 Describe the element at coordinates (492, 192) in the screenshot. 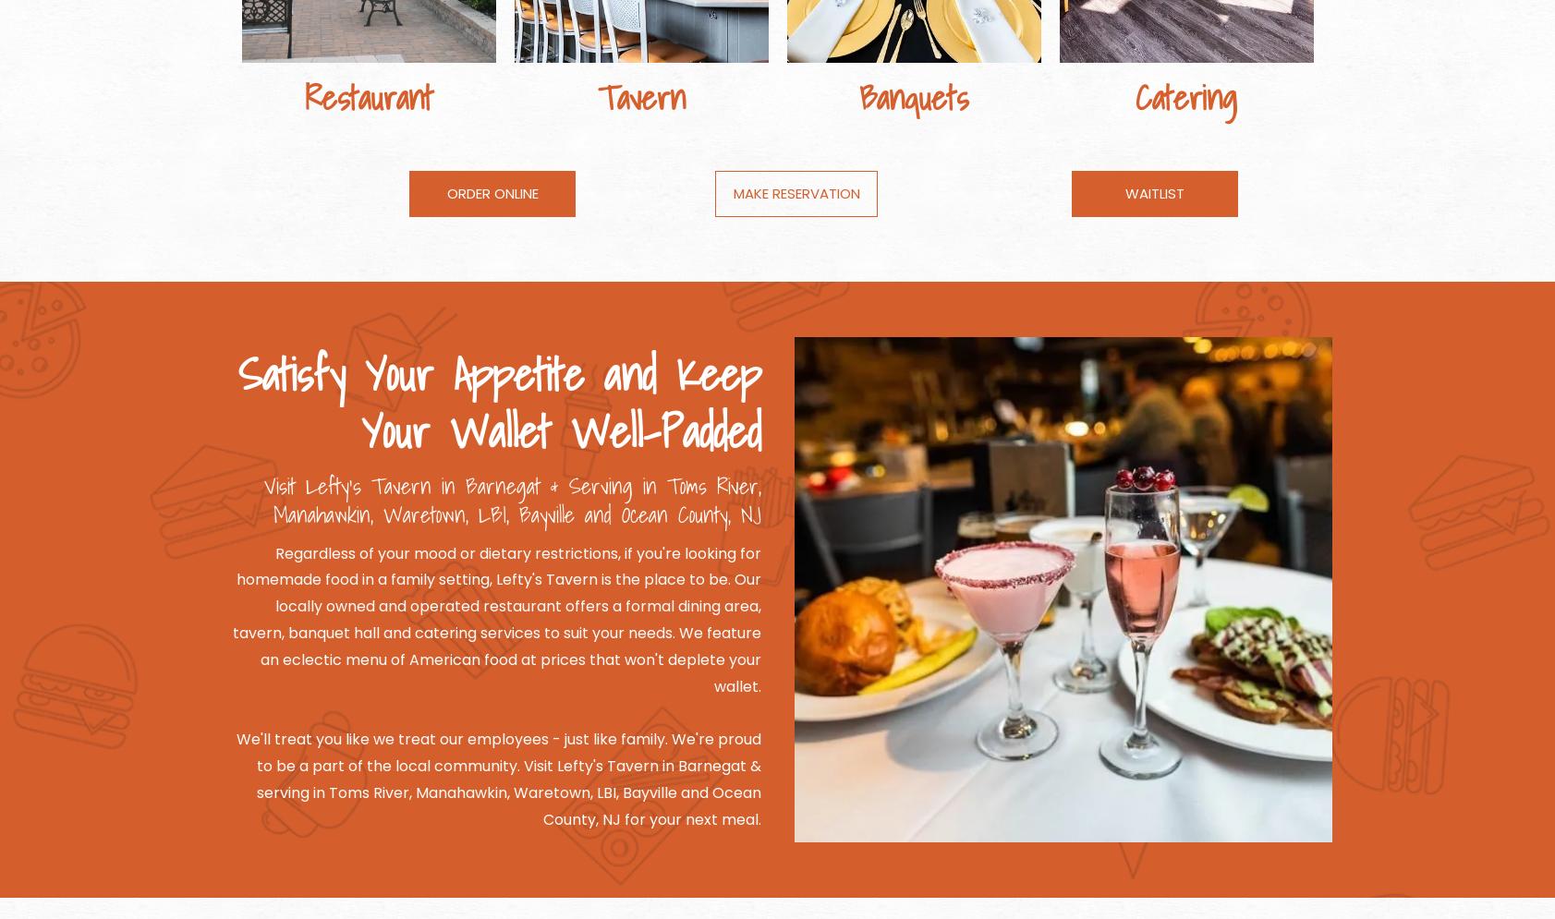

I see `'ORDER ONLINE'` at that location.